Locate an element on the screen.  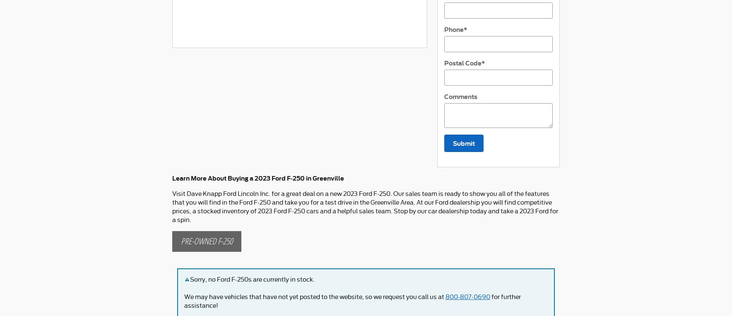
'for further assistance!' is located at coordinates (352, 301).